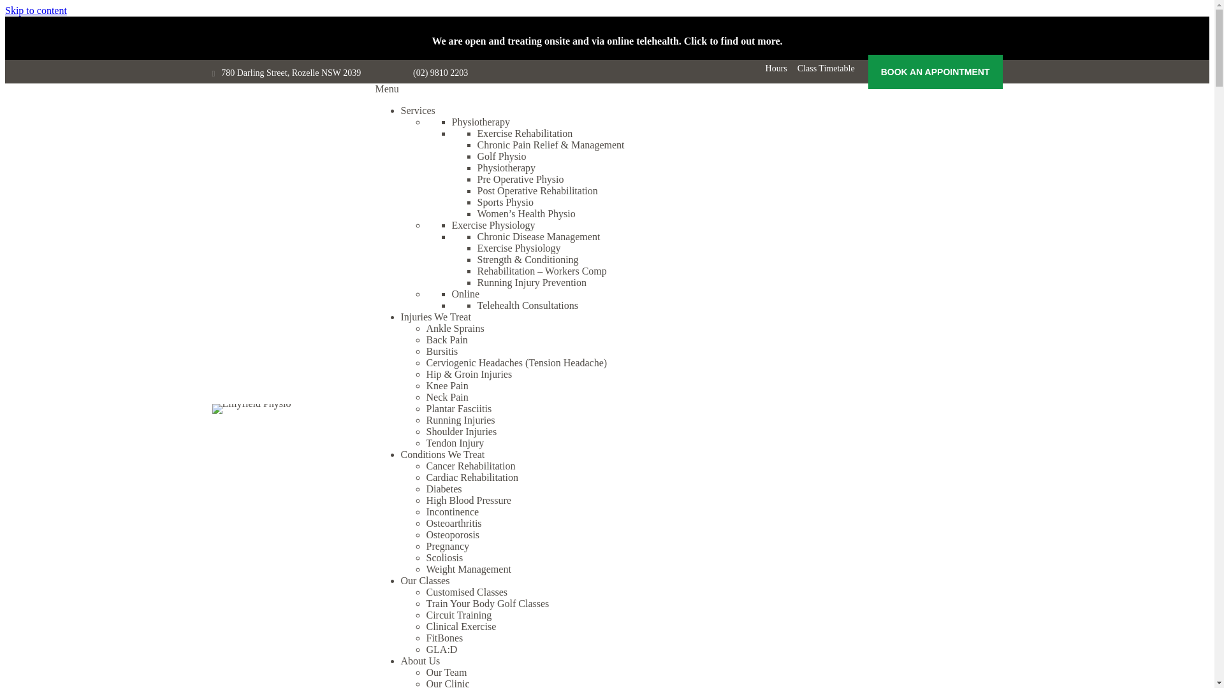  Describe the element at coordinates (425, 557) in the screenshot. I see `'Scoliosis'` at that location.